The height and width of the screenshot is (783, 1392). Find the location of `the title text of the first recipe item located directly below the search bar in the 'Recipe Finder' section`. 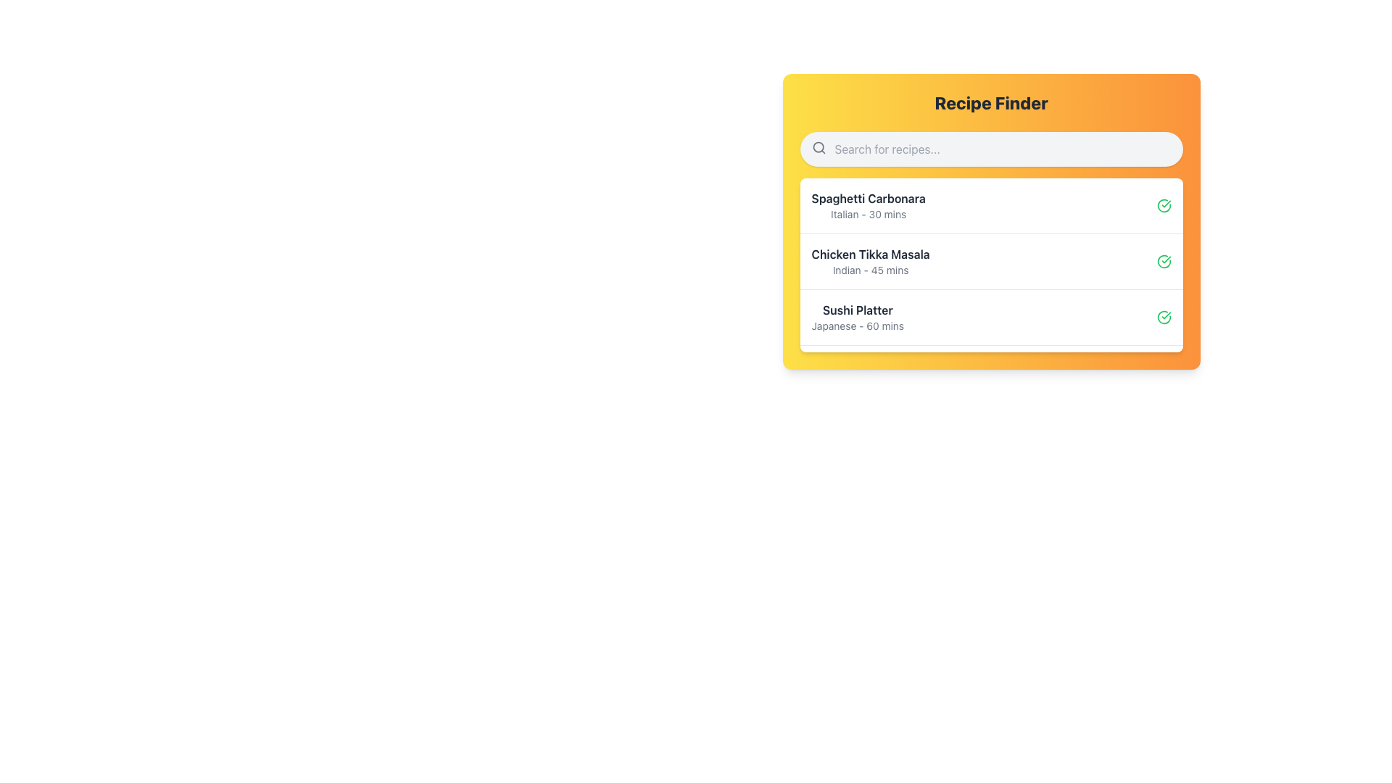

the title text of the first recipe item located directly below the search bar in the 'Recipe Finder' section is located at coordinates (869, 198).